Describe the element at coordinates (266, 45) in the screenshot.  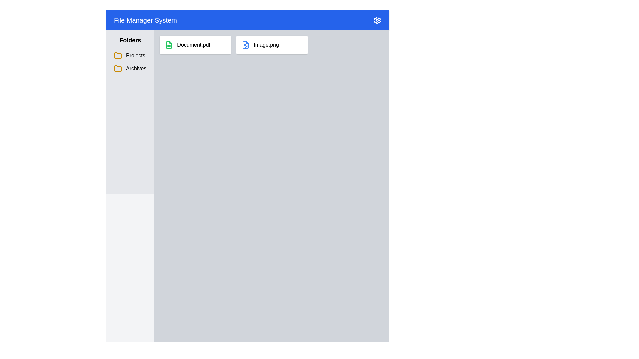
I see `text label 'Image.png' that is part of the second card in a horizontal list of file representations, which includes a document icon labeled 'Document.pdf' on the left` at that location.